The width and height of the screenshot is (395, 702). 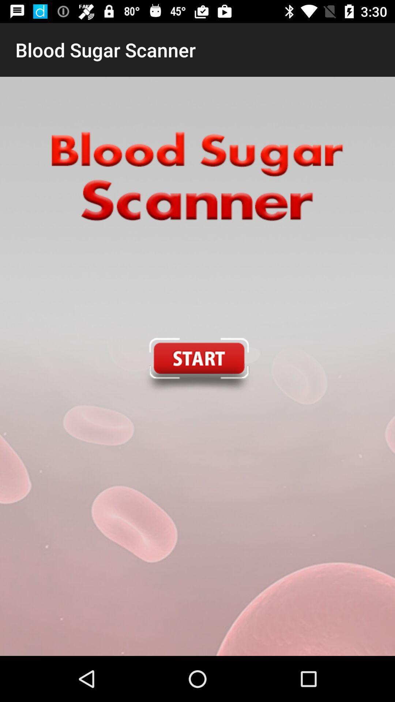 I want to click on open button, so click(x=197, y=366).